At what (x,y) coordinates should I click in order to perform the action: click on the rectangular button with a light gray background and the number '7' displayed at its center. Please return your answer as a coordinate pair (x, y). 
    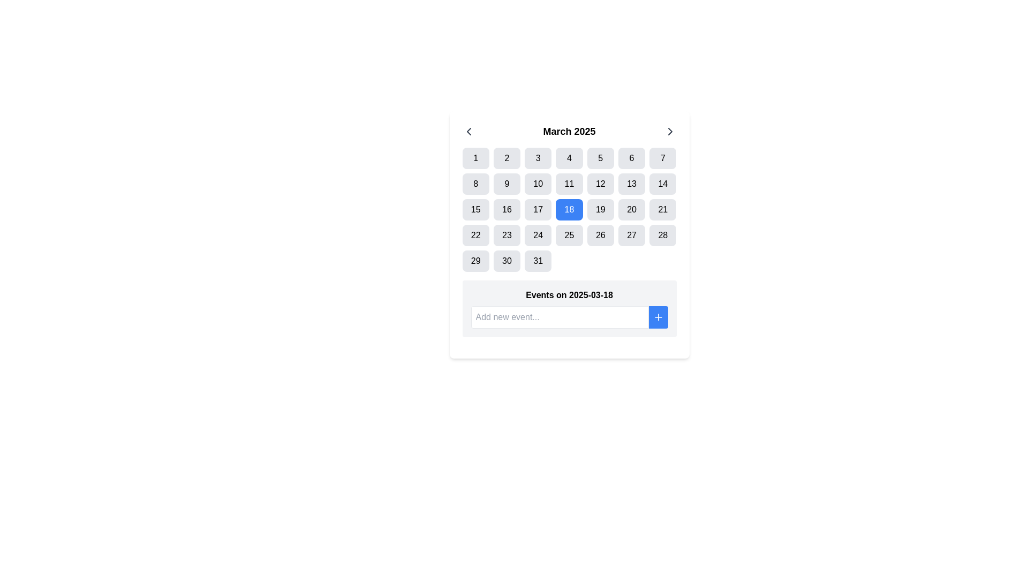
    Looking at the image, I should click on (662, 158).